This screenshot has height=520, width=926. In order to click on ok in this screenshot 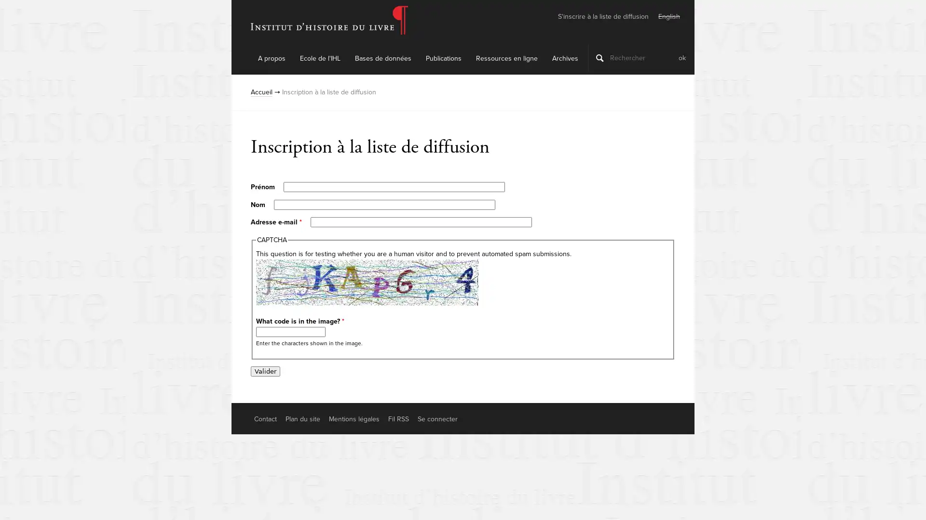, I will do `click(681, 57)`.